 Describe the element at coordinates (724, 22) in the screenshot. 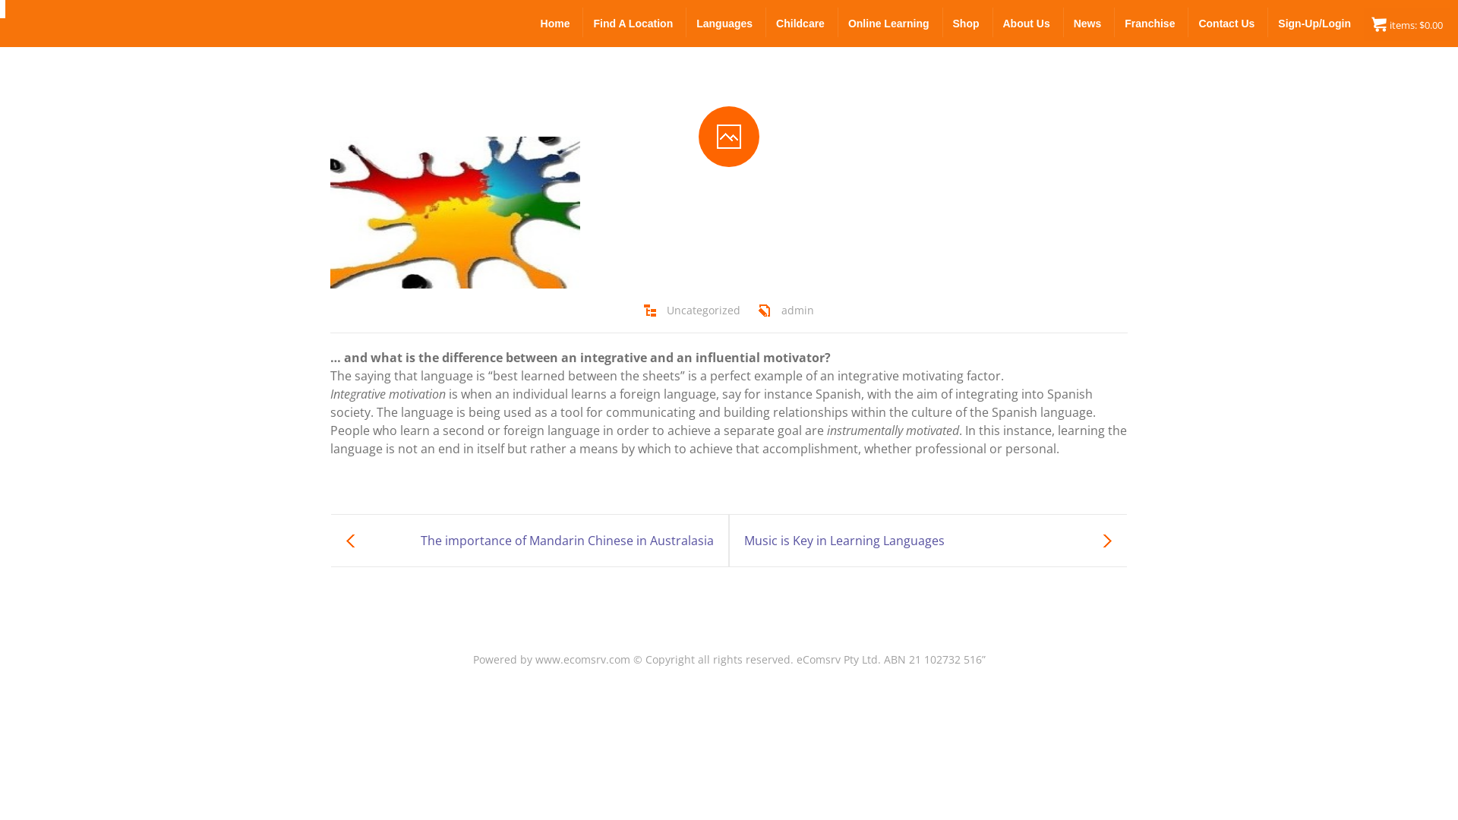

I see `'Languages'` at that location.